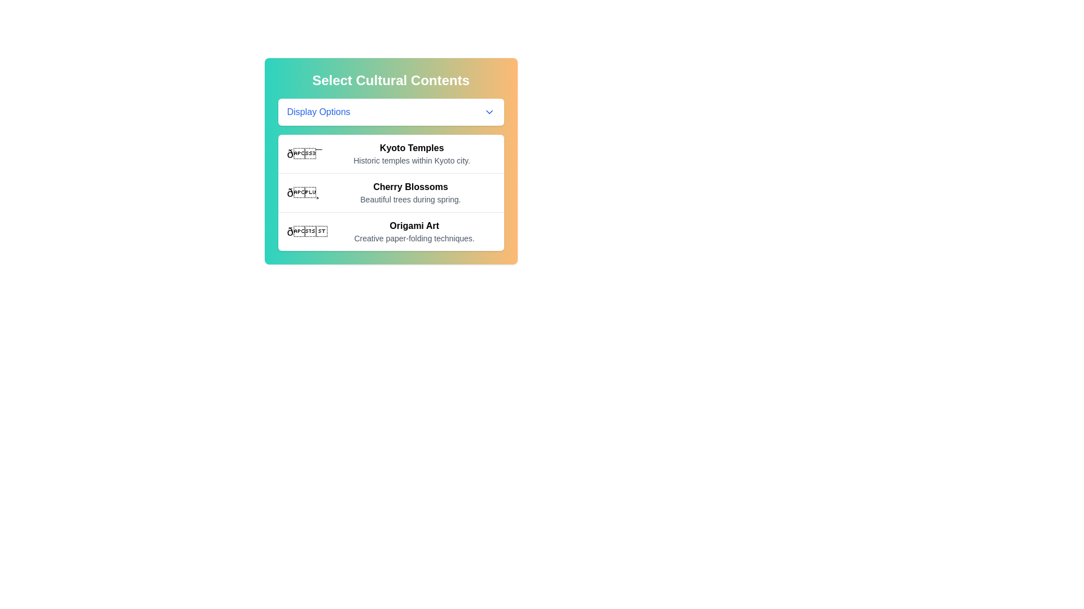  What do you see at coordinates (410, 192) in the screenshot?
I see `text content of the descriptive text block labeled 'Cherry Blossoms', which is the second entry in the list under 'Select Cultural Contents'` at bounding box center [410, 192].